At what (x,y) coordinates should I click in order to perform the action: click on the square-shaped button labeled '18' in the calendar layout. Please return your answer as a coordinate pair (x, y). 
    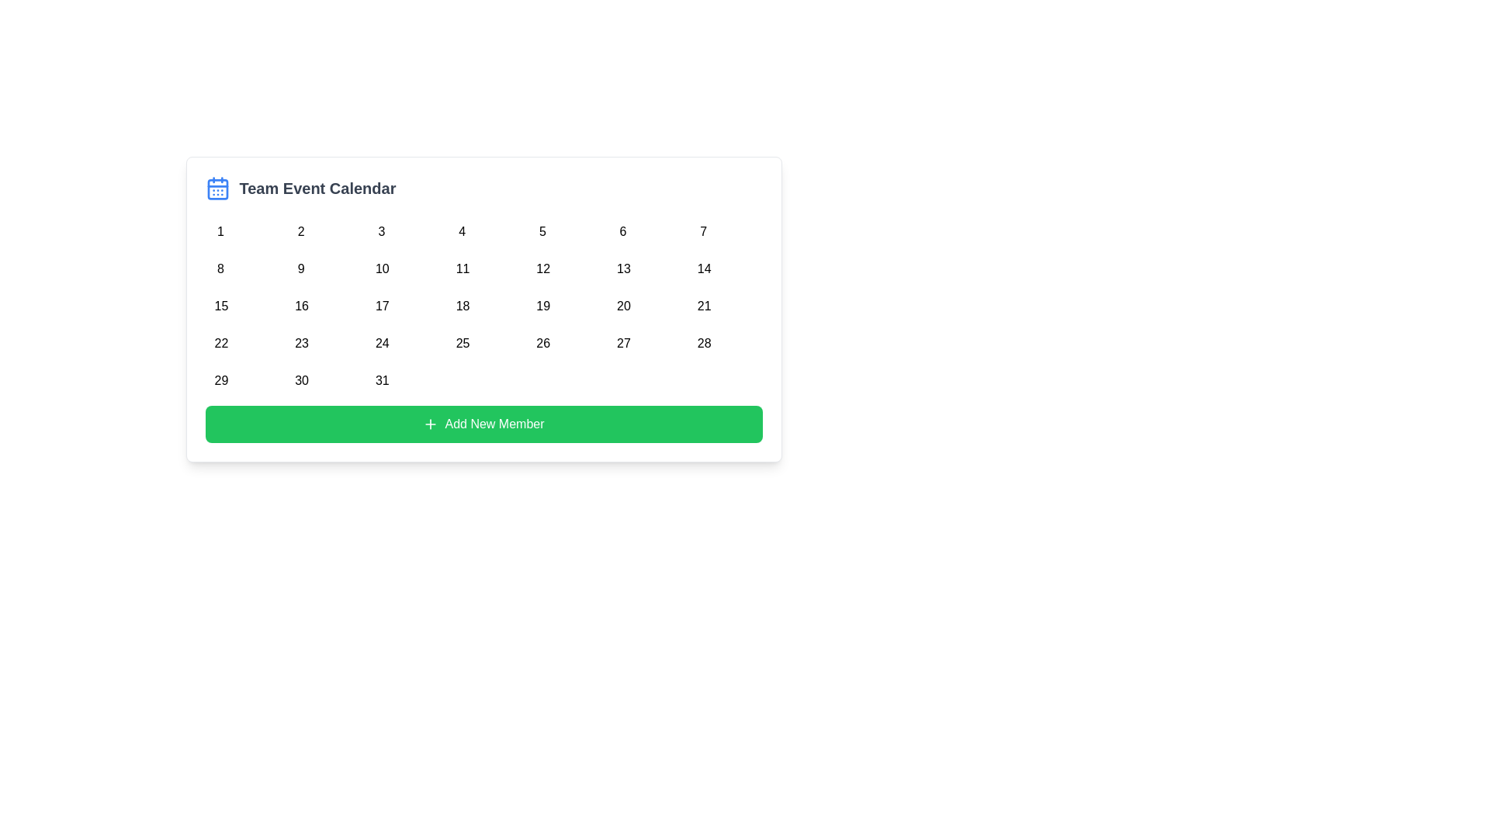
    Looking at the image, I should click on (461, 303).